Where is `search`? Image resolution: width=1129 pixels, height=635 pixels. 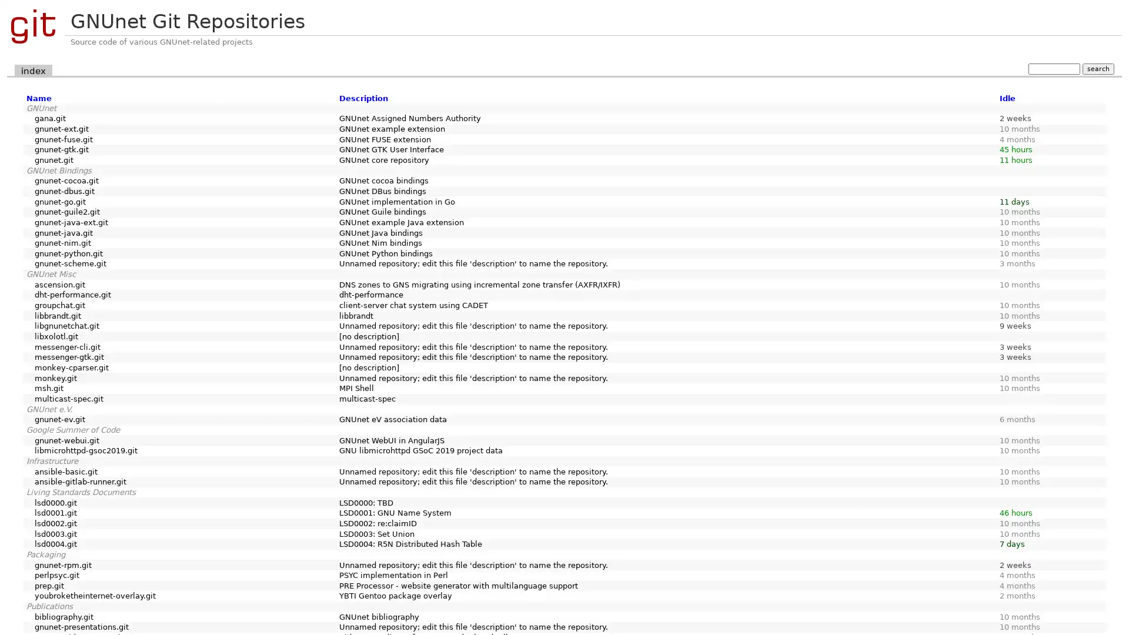
search is located at coordinates (1097, 68).